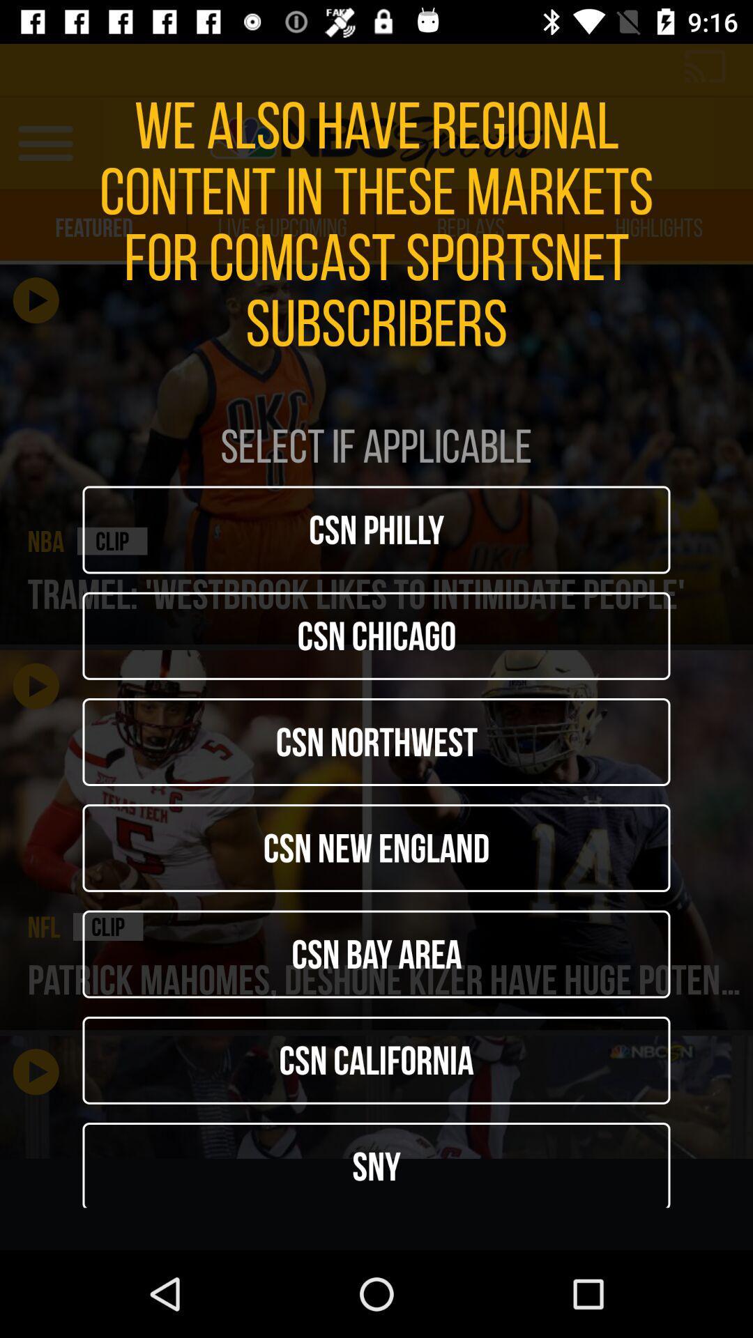 This screenshot has width=753, height=1338. I want to click on the icon below csn california icon, so click(376, 1165).